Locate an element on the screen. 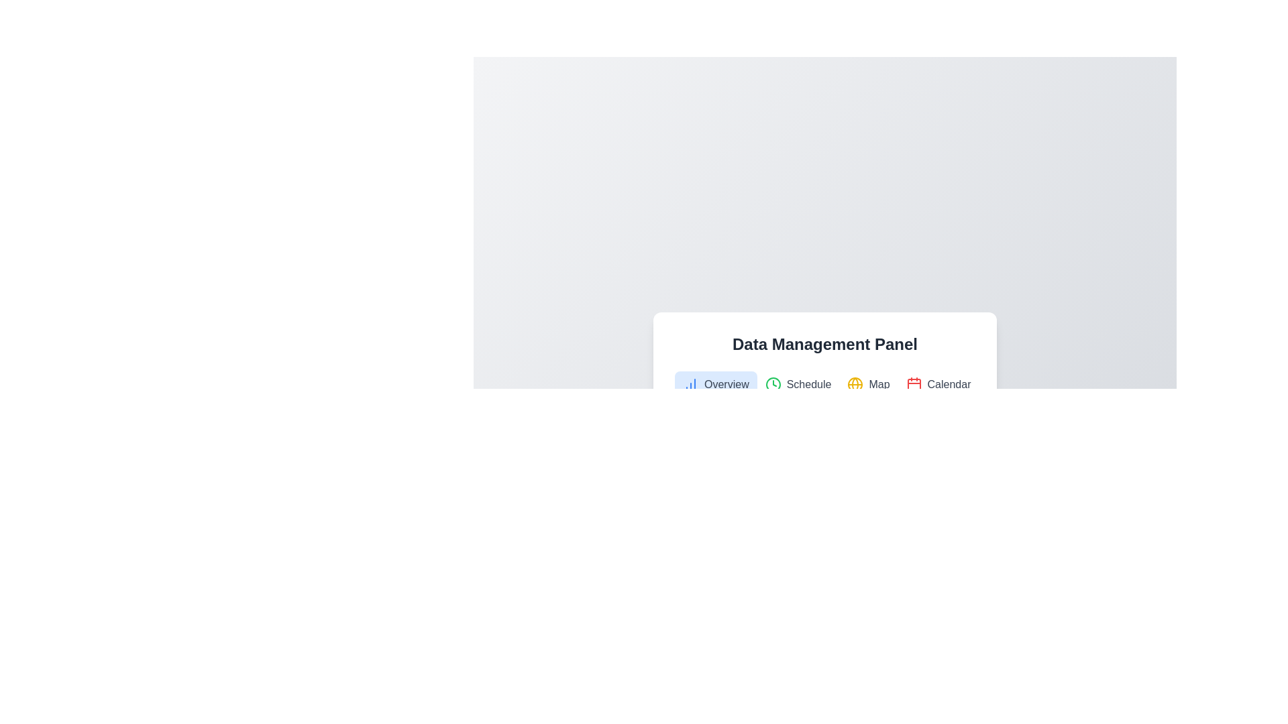 This screenshot has height=724, width=1288. the map icon in the horizontal menu bar below the title 'Data Management Panel' is located at coordinates (855, 385).